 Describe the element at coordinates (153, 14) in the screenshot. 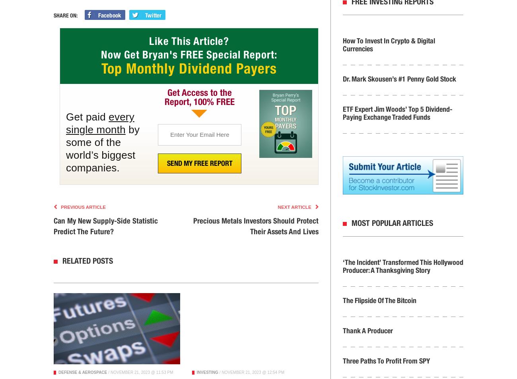

I see `'Twitter'` at that location.